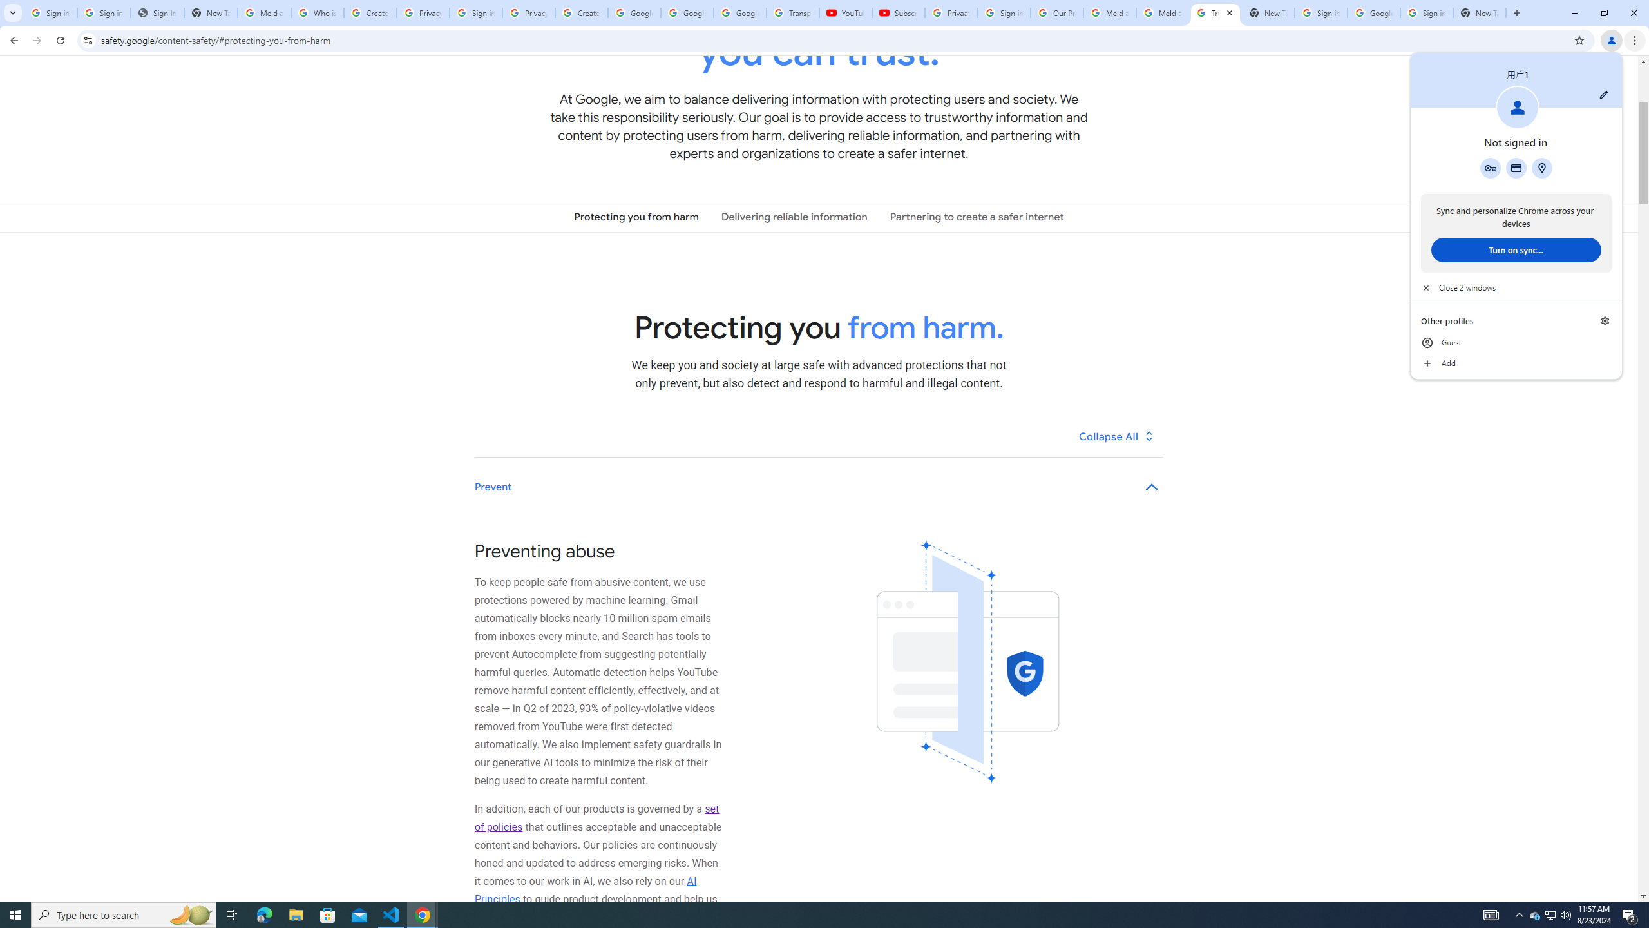  Describe the element at coordinates (1373, 12) in the screenshot. I see `'Google Cybersecurity Innovations - Google Safety Center'` at that location.